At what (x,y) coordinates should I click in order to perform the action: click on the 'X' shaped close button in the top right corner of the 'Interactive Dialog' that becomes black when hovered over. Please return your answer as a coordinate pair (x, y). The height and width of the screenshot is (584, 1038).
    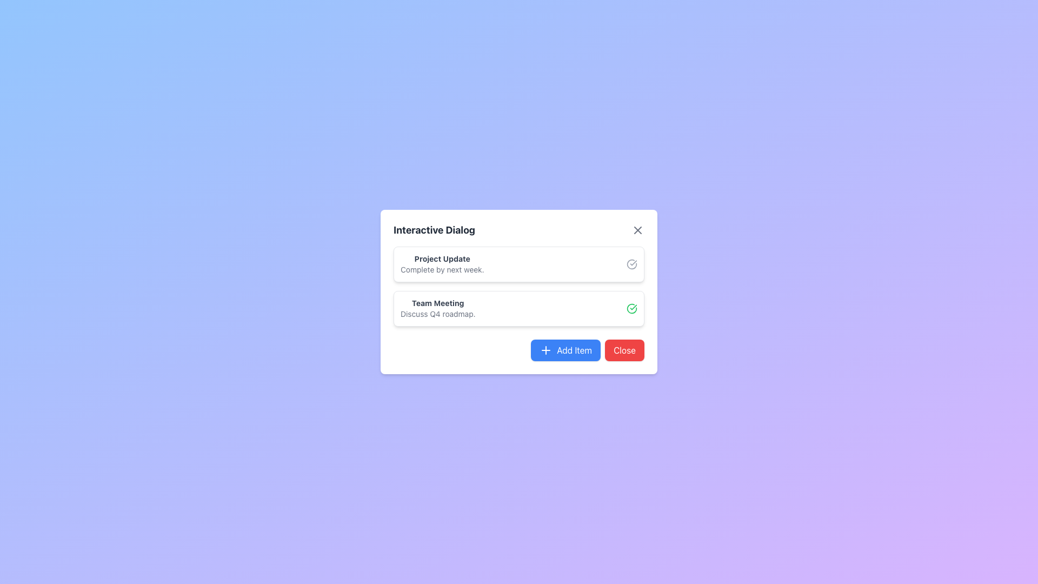
    Looking at the image, I should click on (638, 229).